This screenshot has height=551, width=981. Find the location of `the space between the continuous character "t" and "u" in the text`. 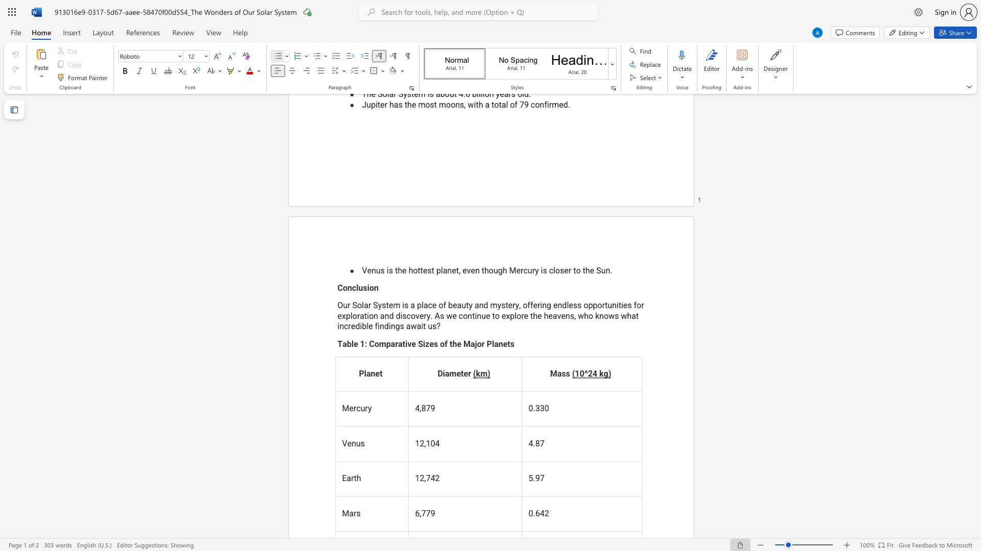

the space between the continuous character "t" and "u" in the text is located at coordinates (608, 305).